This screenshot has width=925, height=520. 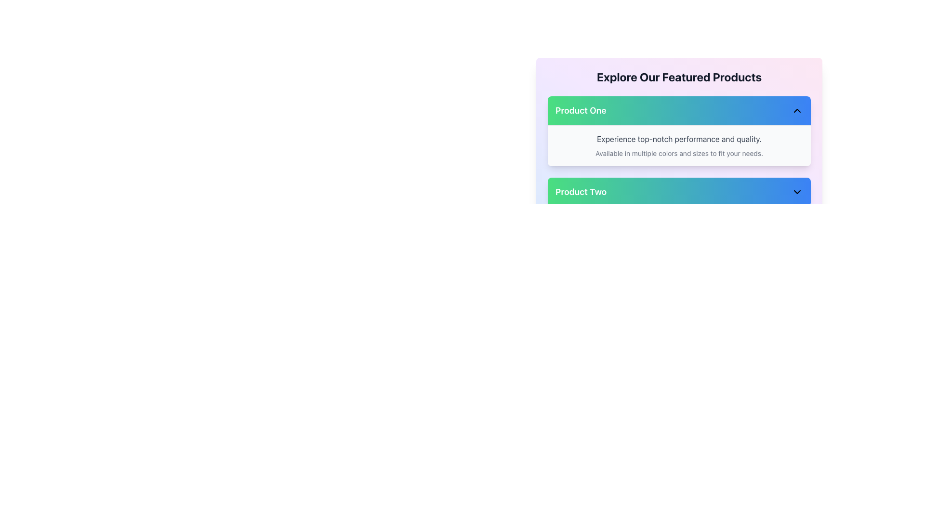 I want to click on information in the text block that is located beneath the 'Product One' header, which contains two lines of text about performance and availability in colors and sizes, so click(x=679, y=145).